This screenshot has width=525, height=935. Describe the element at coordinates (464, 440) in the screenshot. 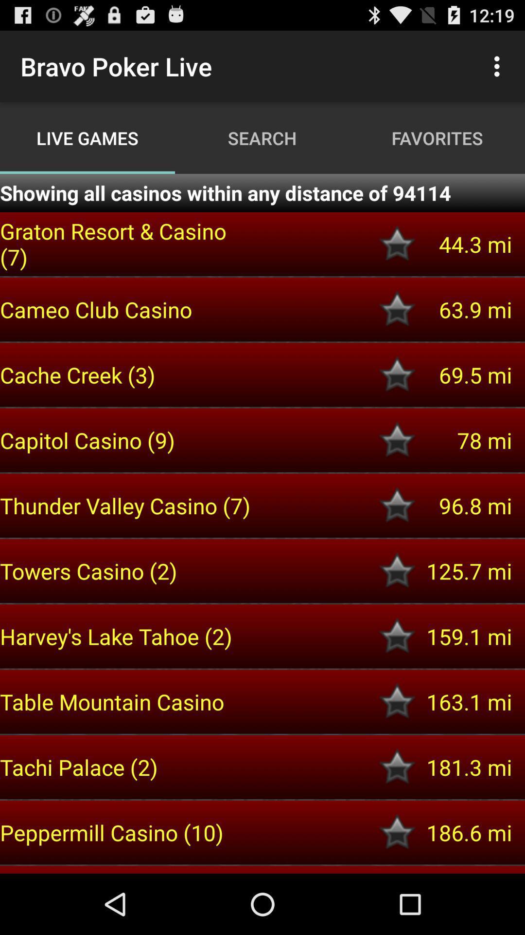

I see `the 78 mi app` at that location.